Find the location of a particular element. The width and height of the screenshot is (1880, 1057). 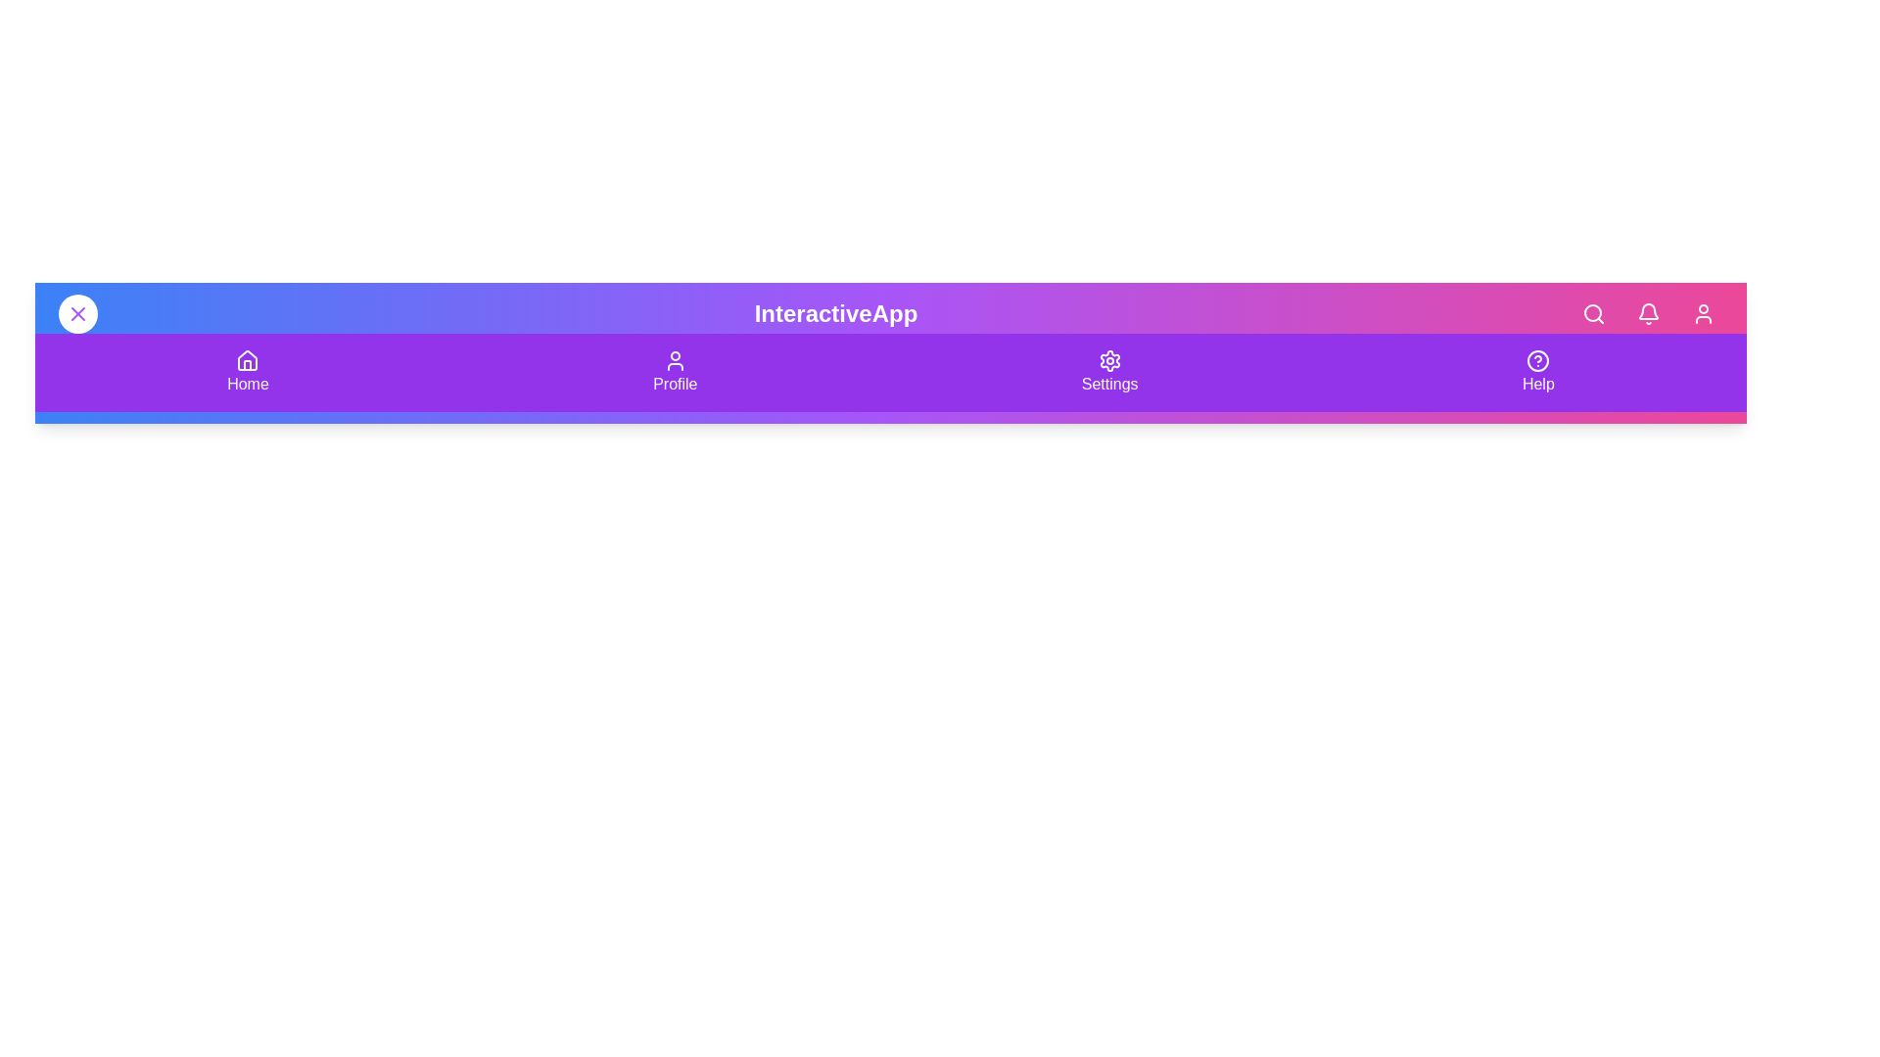

the navigation menu item Profile is located at coordinates (675, 373).